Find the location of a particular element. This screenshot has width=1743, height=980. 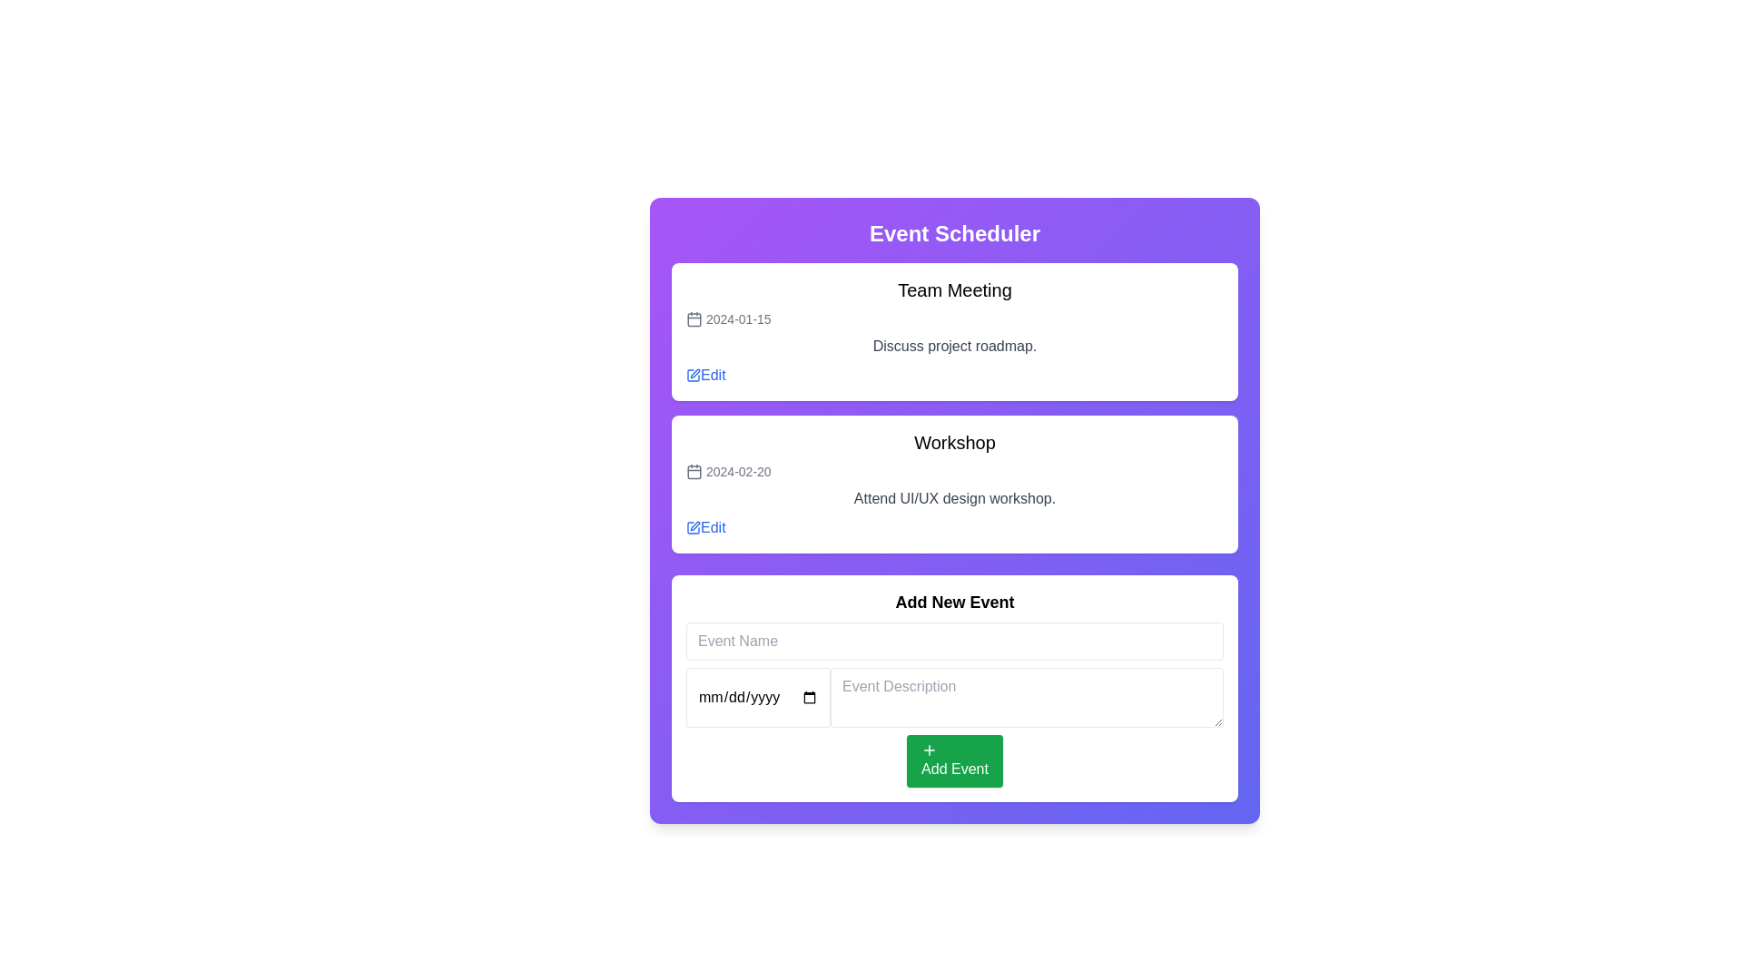

the icon associated with the event date '2024-01-15' in the first event block labeled 'Team Meeting' is located at coordinates (693, 318).